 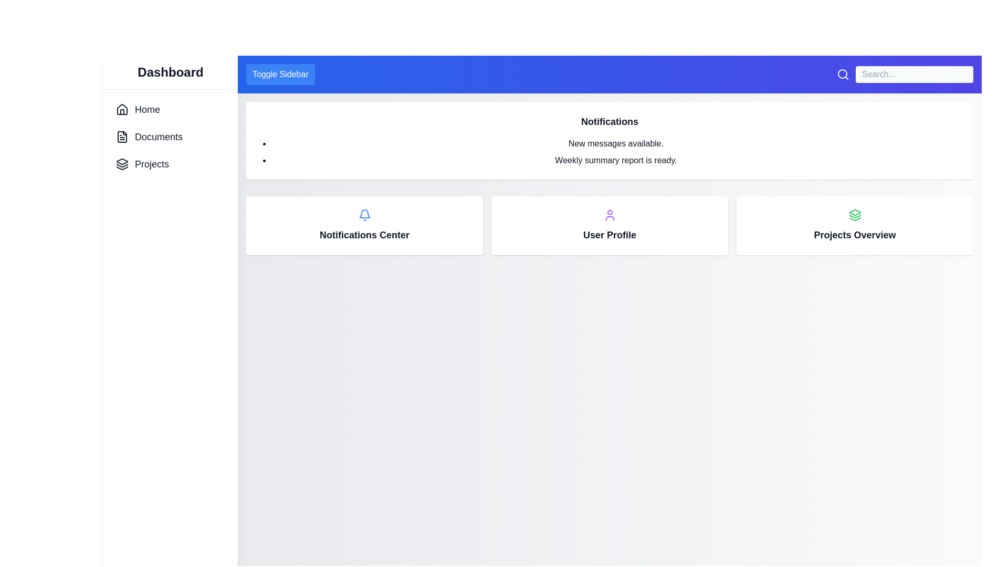 I want to click on the 'Home' navigation icon located in the sidebar menu, positioned to the left of the text label 'Home', so click(x=122, y=109).